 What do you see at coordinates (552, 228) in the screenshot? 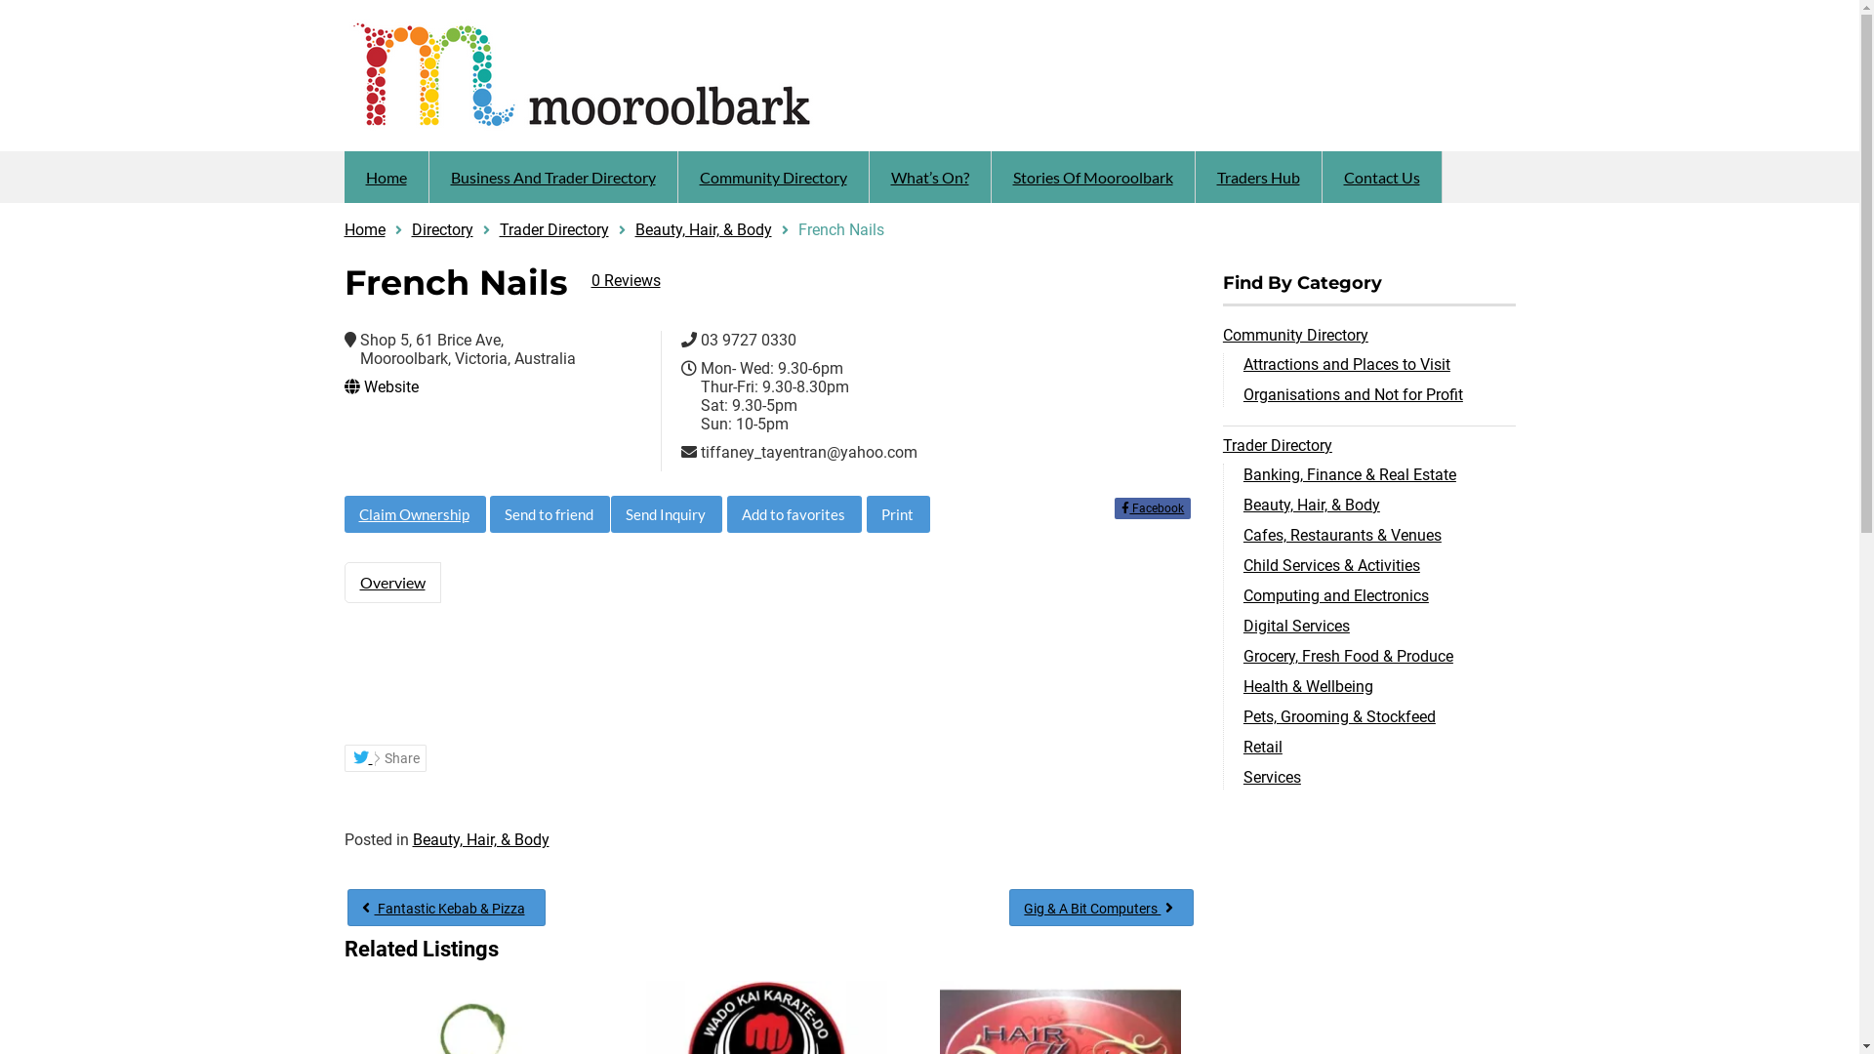
I see `'Trader Directory'` at bounding box center [552, 228].